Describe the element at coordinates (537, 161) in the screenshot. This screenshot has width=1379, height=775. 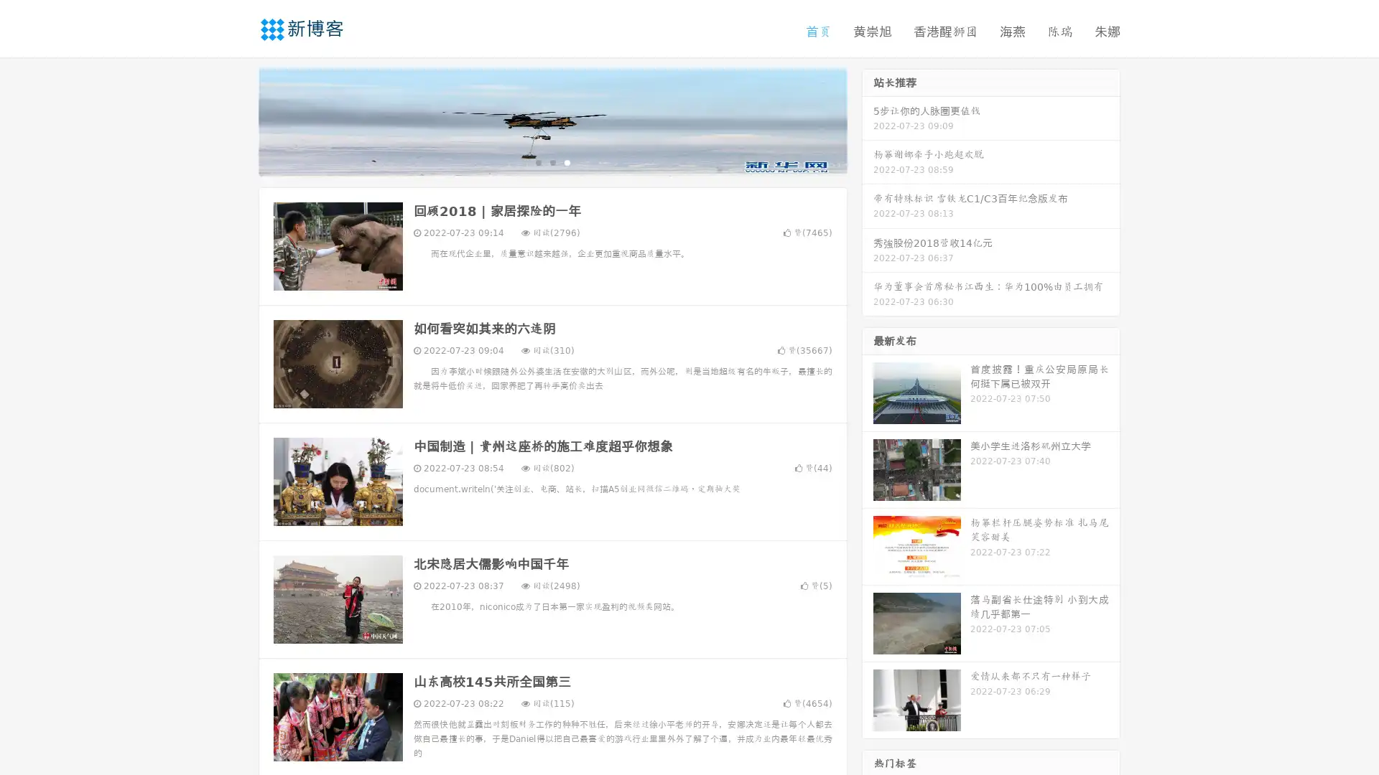
I see `Go to slide 1` at that location.